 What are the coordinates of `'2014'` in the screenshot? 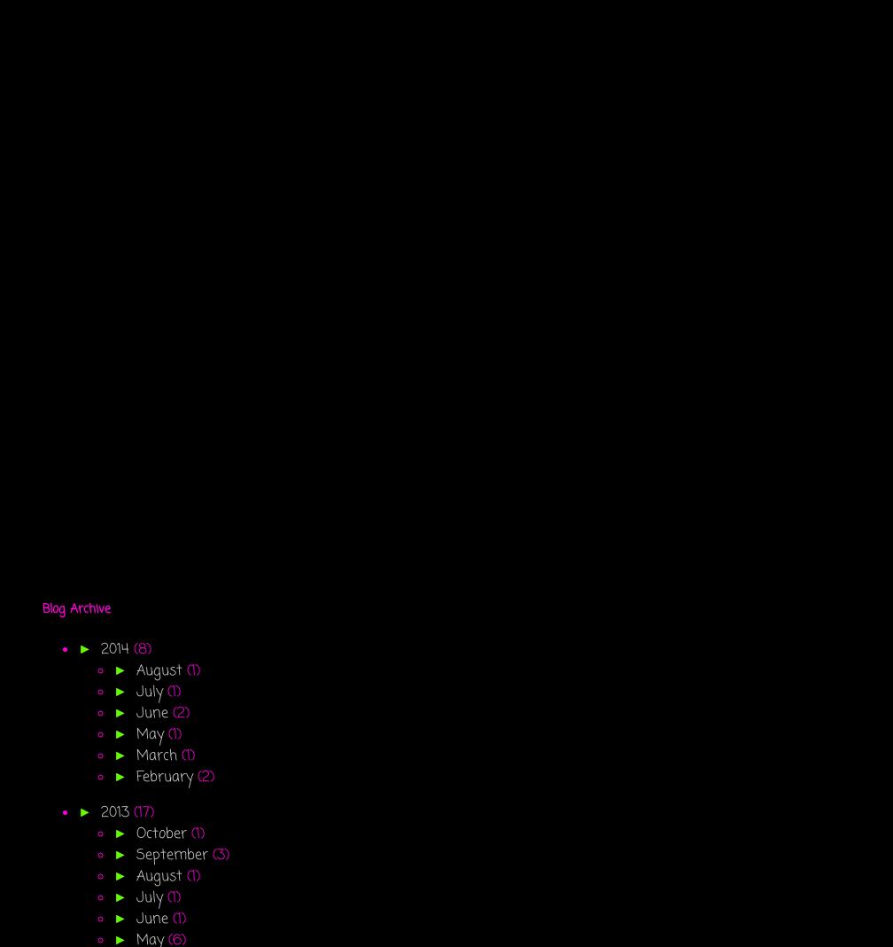 It's located at (116, 649).